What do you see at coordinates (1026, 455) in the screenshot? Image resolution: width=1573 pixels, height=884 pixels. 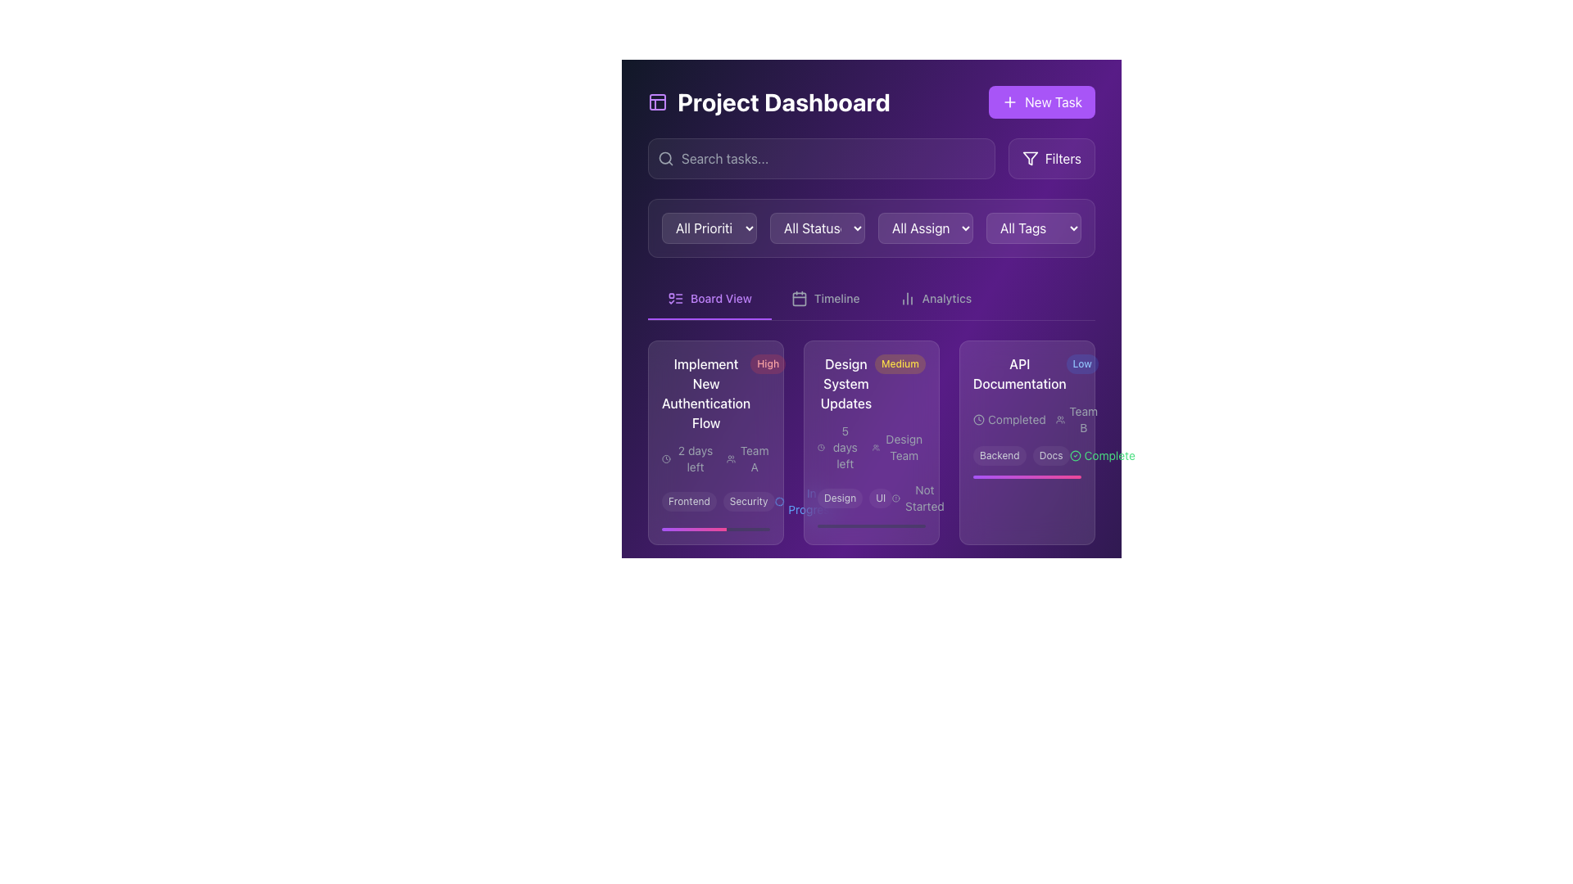 I see `the statuses indicated in the horizontal group of three text labels styled as pills, reading 'Backend', 'Docs', and 'Complete', located within the 'API Documentation' card` at bounding box center [1026, 455].